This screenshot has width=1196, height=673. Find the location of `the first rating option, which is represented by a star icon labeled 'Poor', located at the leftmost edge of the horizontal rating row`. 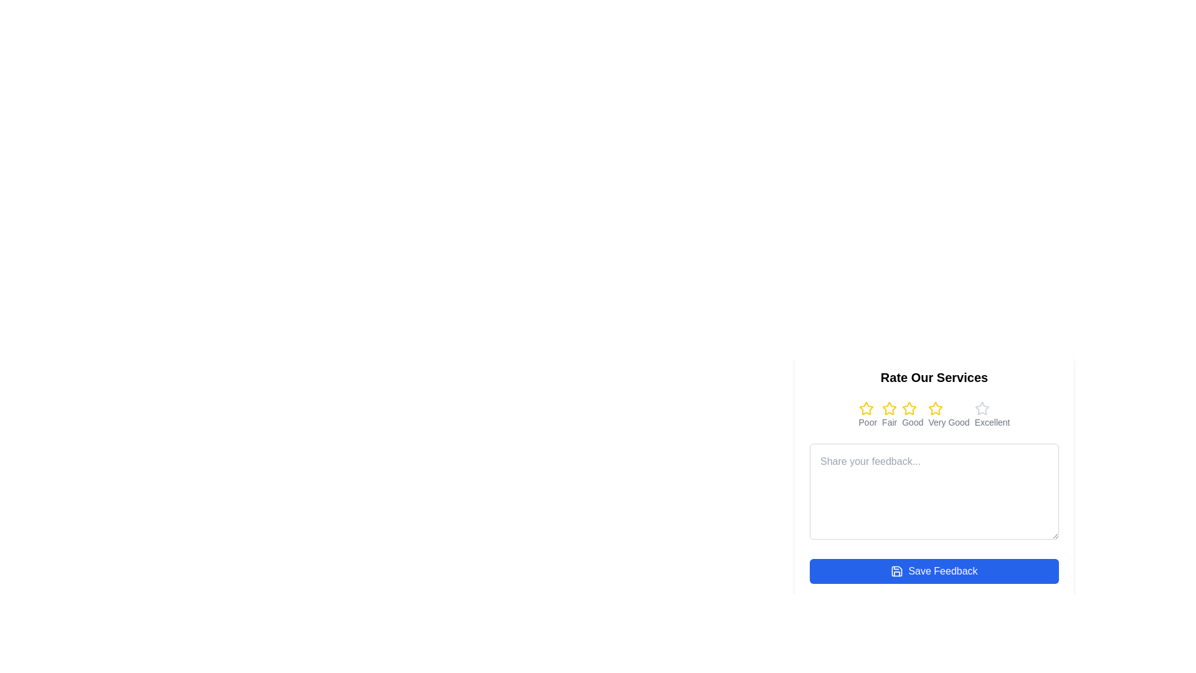

the first rating option, which is represented by a star icon labeled 'Poor', located at the leftmost edge of the horizontal rating row is located at coordinates (867, 415).